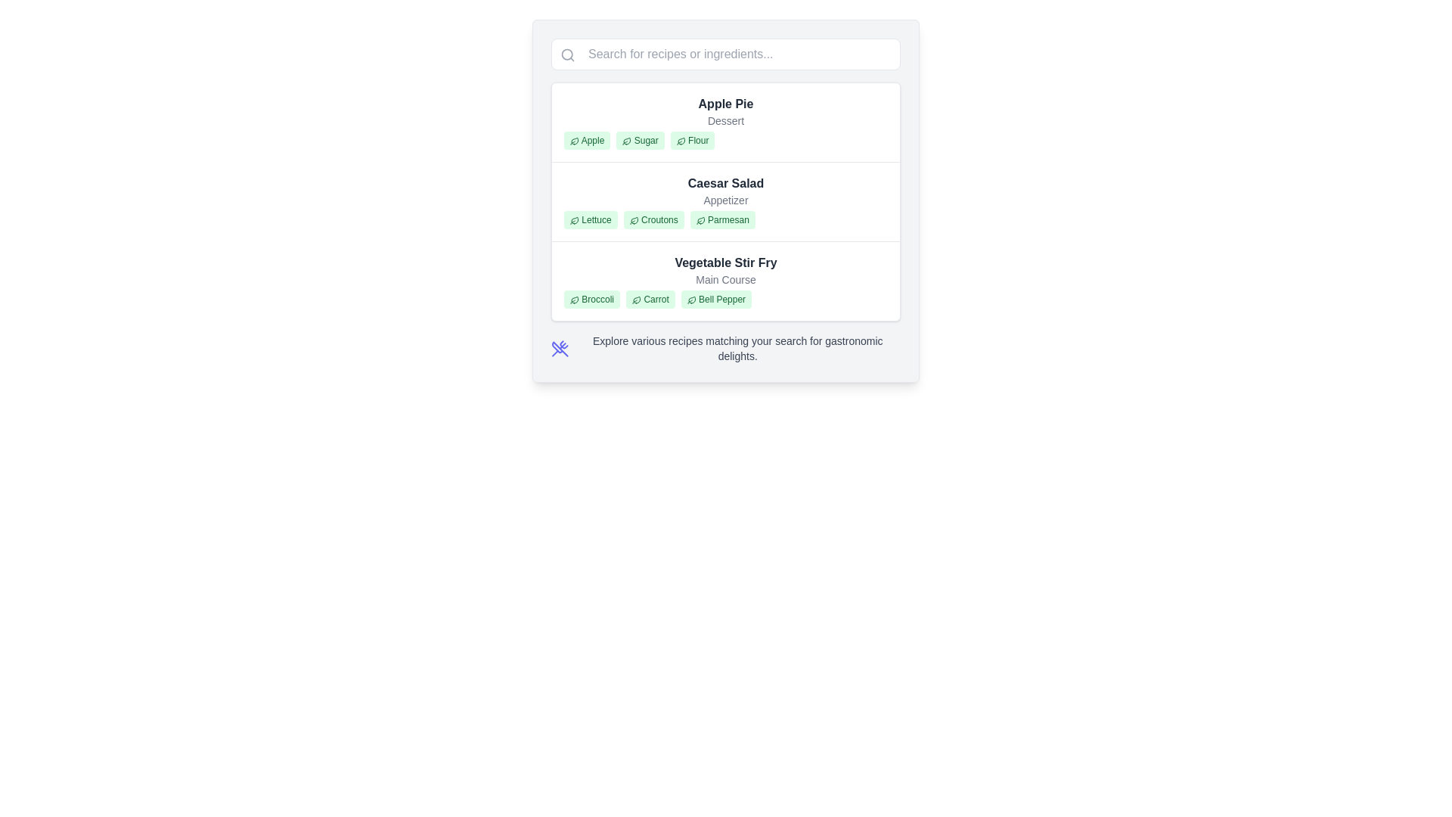 This screenshot has height=817, width=1452. Describe the element at coordinates (590, 219) in the screenshot. I see `the 'Lettuce' badge, which is a small rounded rectangular label with a light green background and green text, located in the 'Caesar Salad' section of recipe items` at that location.